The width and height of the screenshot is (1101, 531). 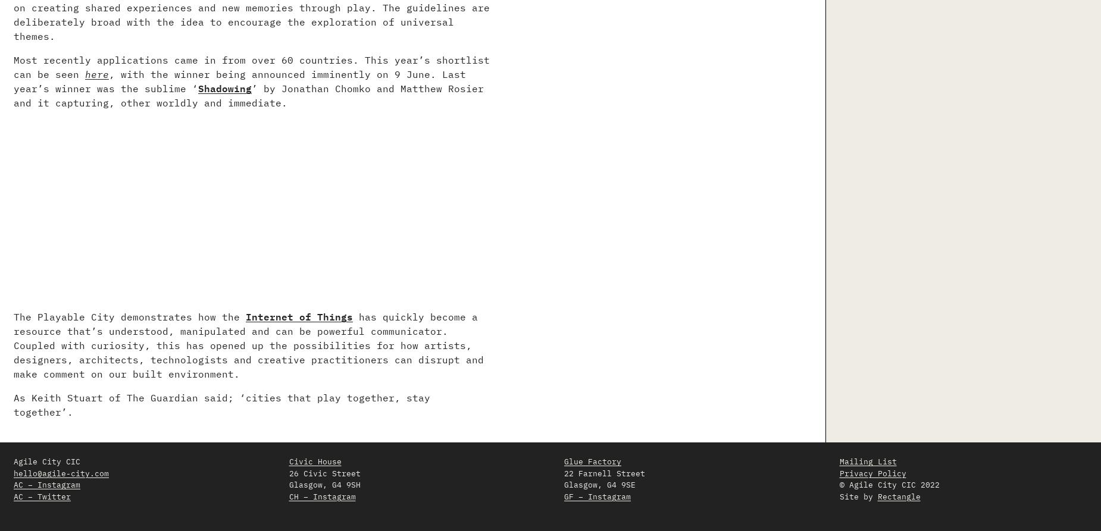 What do you see at coordinates (324, 484) in the screenshot?
I see `'Glasgow, G4 9SH'` at bounding box center [324, 484].